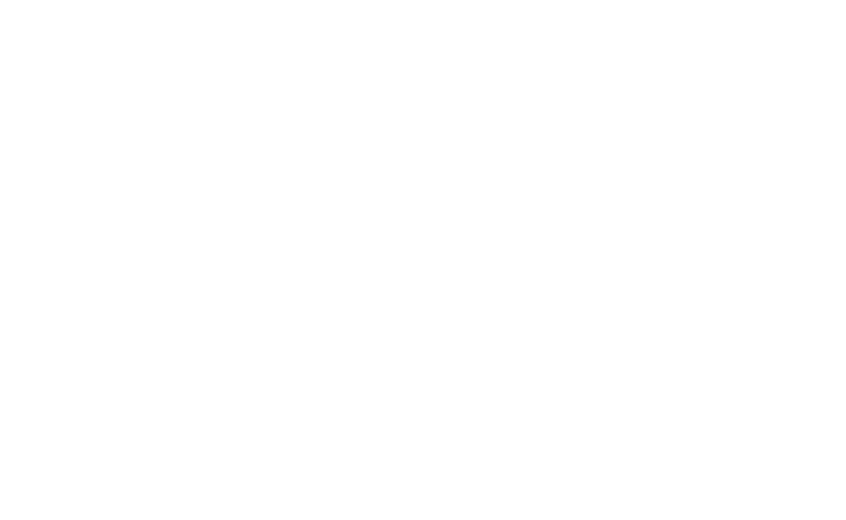 This screenshot has height=520, width=846. I want to click on 'NHL.com Privacy Policy', so click(313, 496).